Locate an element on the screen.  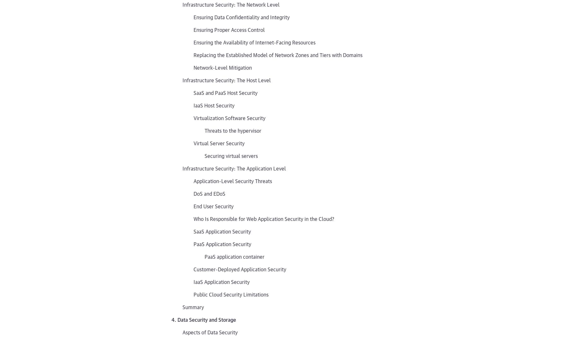
'Threats to the hypervisor' is located at coordinates (233, 130).